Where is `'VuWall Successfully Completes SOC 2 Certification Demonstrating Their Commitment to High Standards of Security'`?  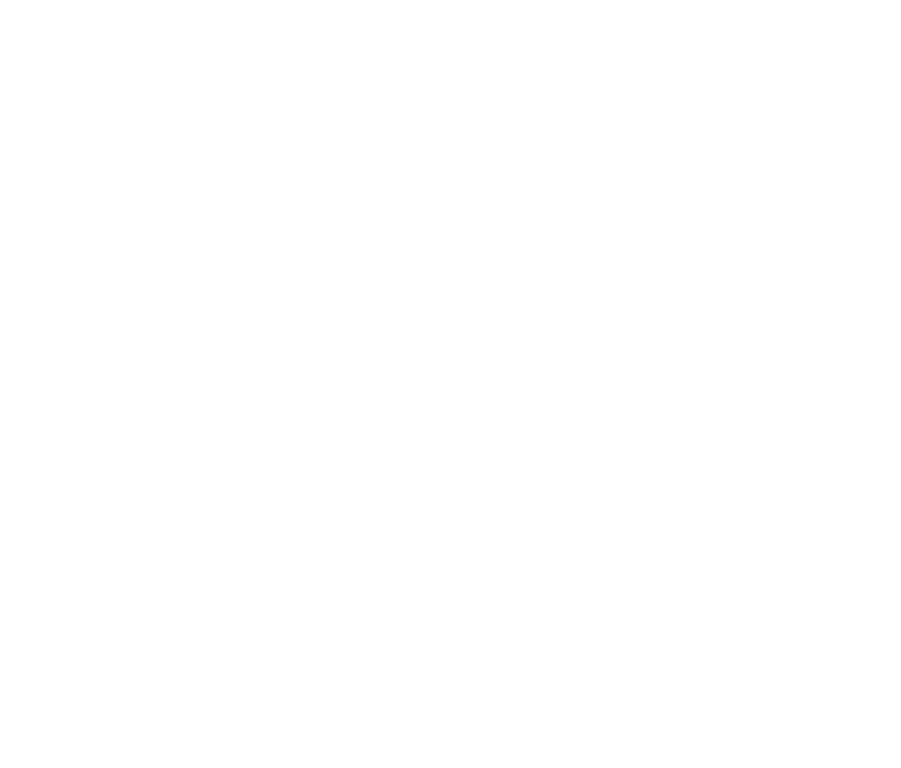 'VuWall Successfully Completes SOC 2 Certification Demonstrating Their Commitment to High Standards of Security' is located at coordinates (341, 549).